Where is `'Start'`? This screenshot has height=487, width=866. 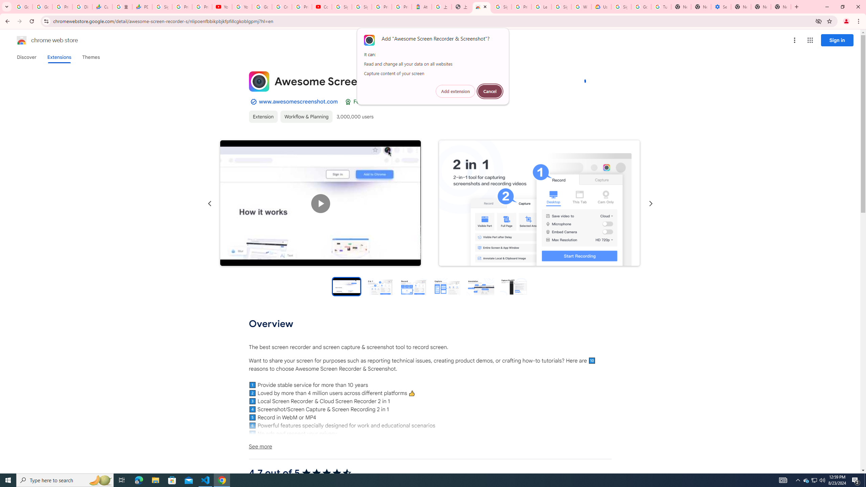 'Start' is located at coordinates (8, 480).